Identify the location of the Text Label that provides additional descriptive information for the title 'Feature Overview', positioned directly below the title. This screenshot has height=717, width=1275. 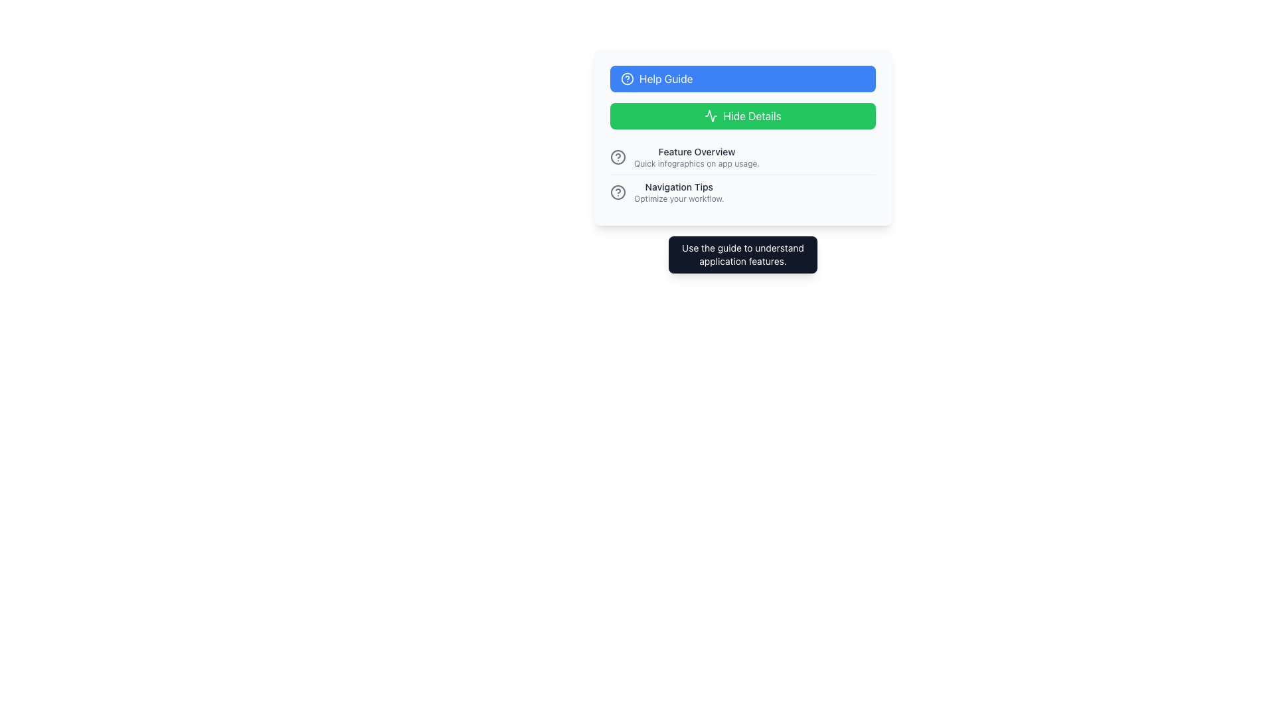
(696, 163).